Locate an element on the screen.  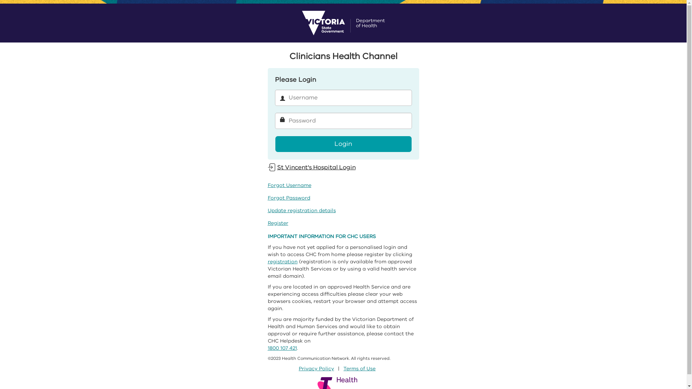
'1800 107 421' is located at coordinates (281, 348).